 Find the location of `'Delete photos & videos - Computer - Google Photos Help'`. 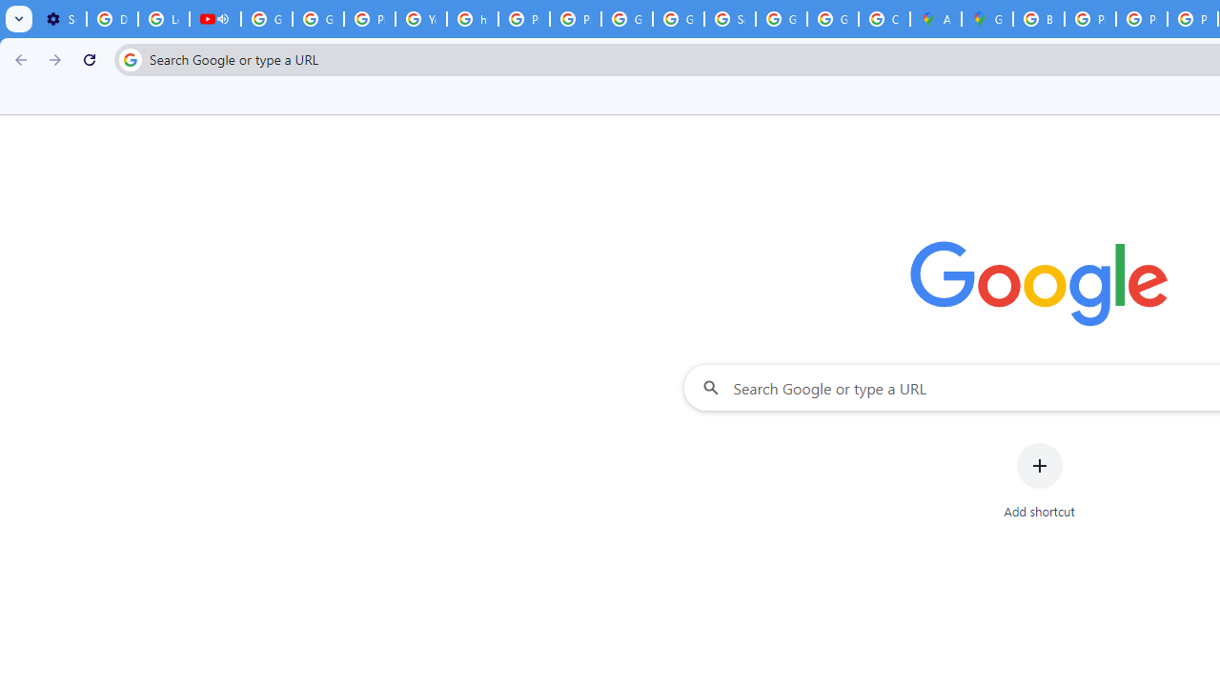

'Delete photos & videos - Computer - Google Photos Help' is located at coordinates (111, 19).